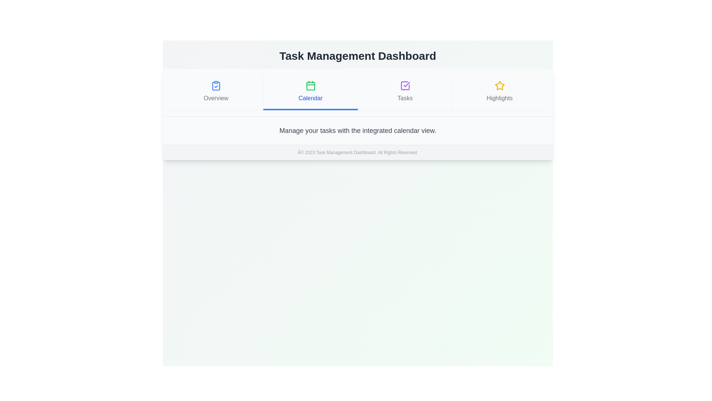 This screenshot has height=401, width=712. Describe the element at coordinates (500, 91) in the screenshot. I see `the yellow star icon above the text 'Highlights' in the top navigation bar` at that location.